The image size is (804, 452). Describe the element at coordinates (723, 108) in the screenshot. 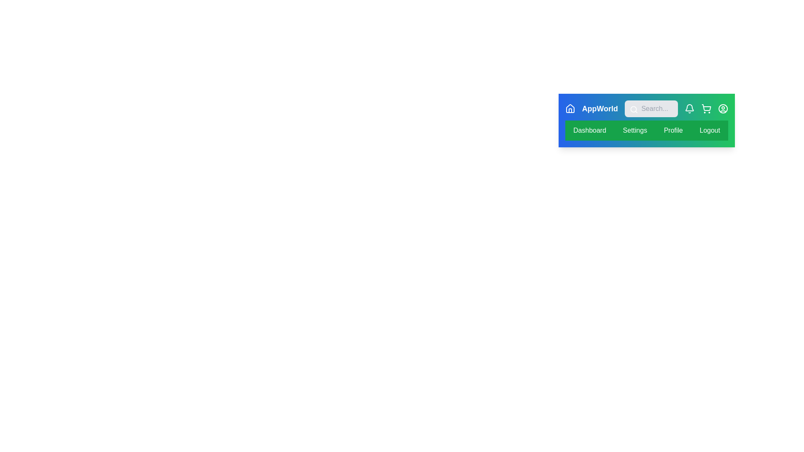

I see `the navigation icon corresponding to profile` at that location.